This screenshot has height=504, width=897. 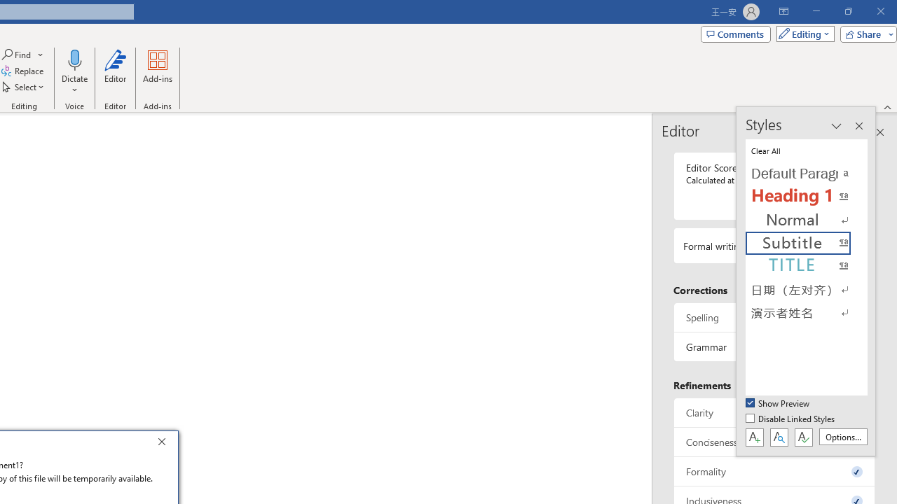 I want to click on 'Editing', so click(x=802, y=33).